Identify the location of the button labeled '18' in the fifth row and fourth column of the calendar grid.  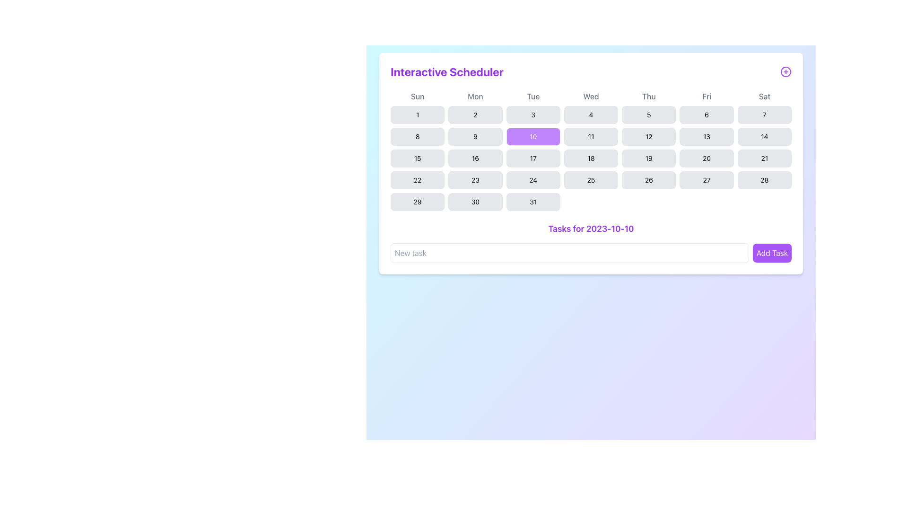
(590, 158).